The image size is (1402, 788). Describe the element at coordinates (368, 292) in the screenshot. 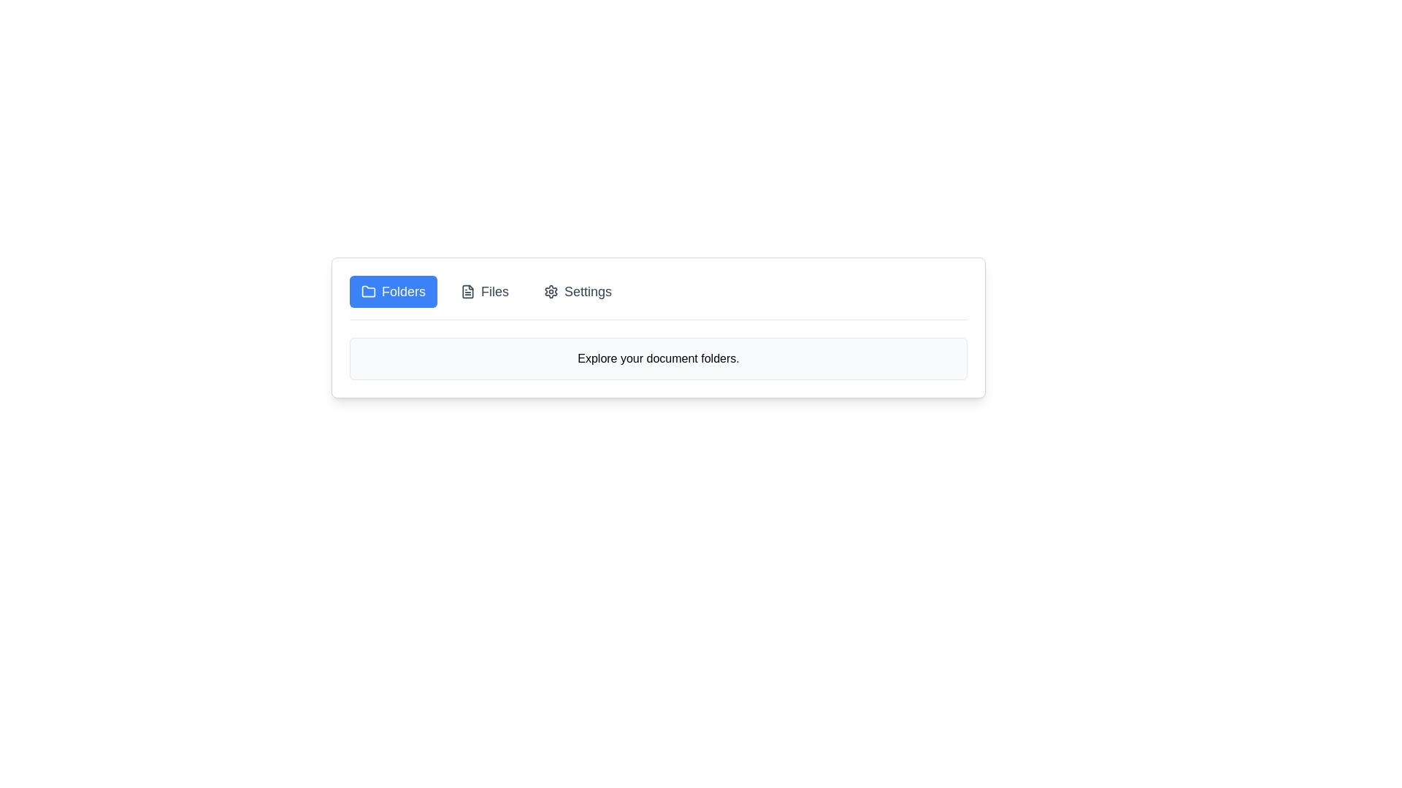

I see `the tab icon for Folders` at that location.